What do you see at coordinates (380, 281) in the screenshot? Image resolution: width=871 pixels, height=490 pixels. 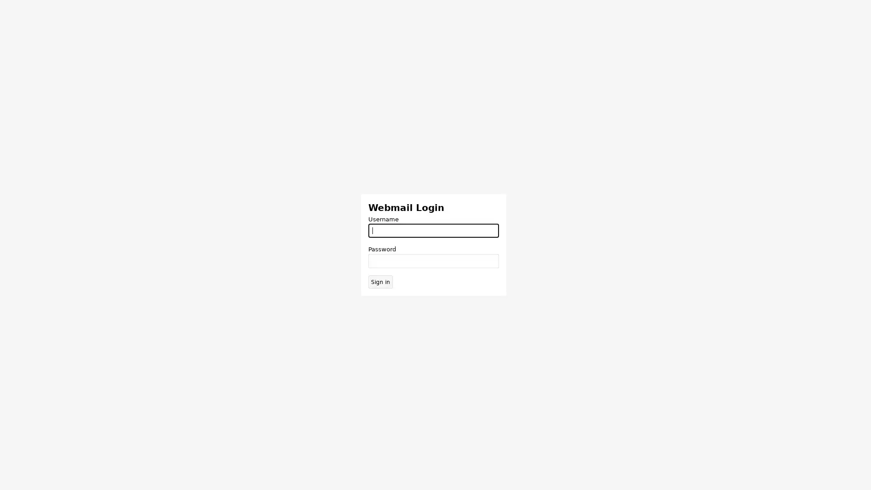 I see `Sign in` at bounding box center [380, 281].